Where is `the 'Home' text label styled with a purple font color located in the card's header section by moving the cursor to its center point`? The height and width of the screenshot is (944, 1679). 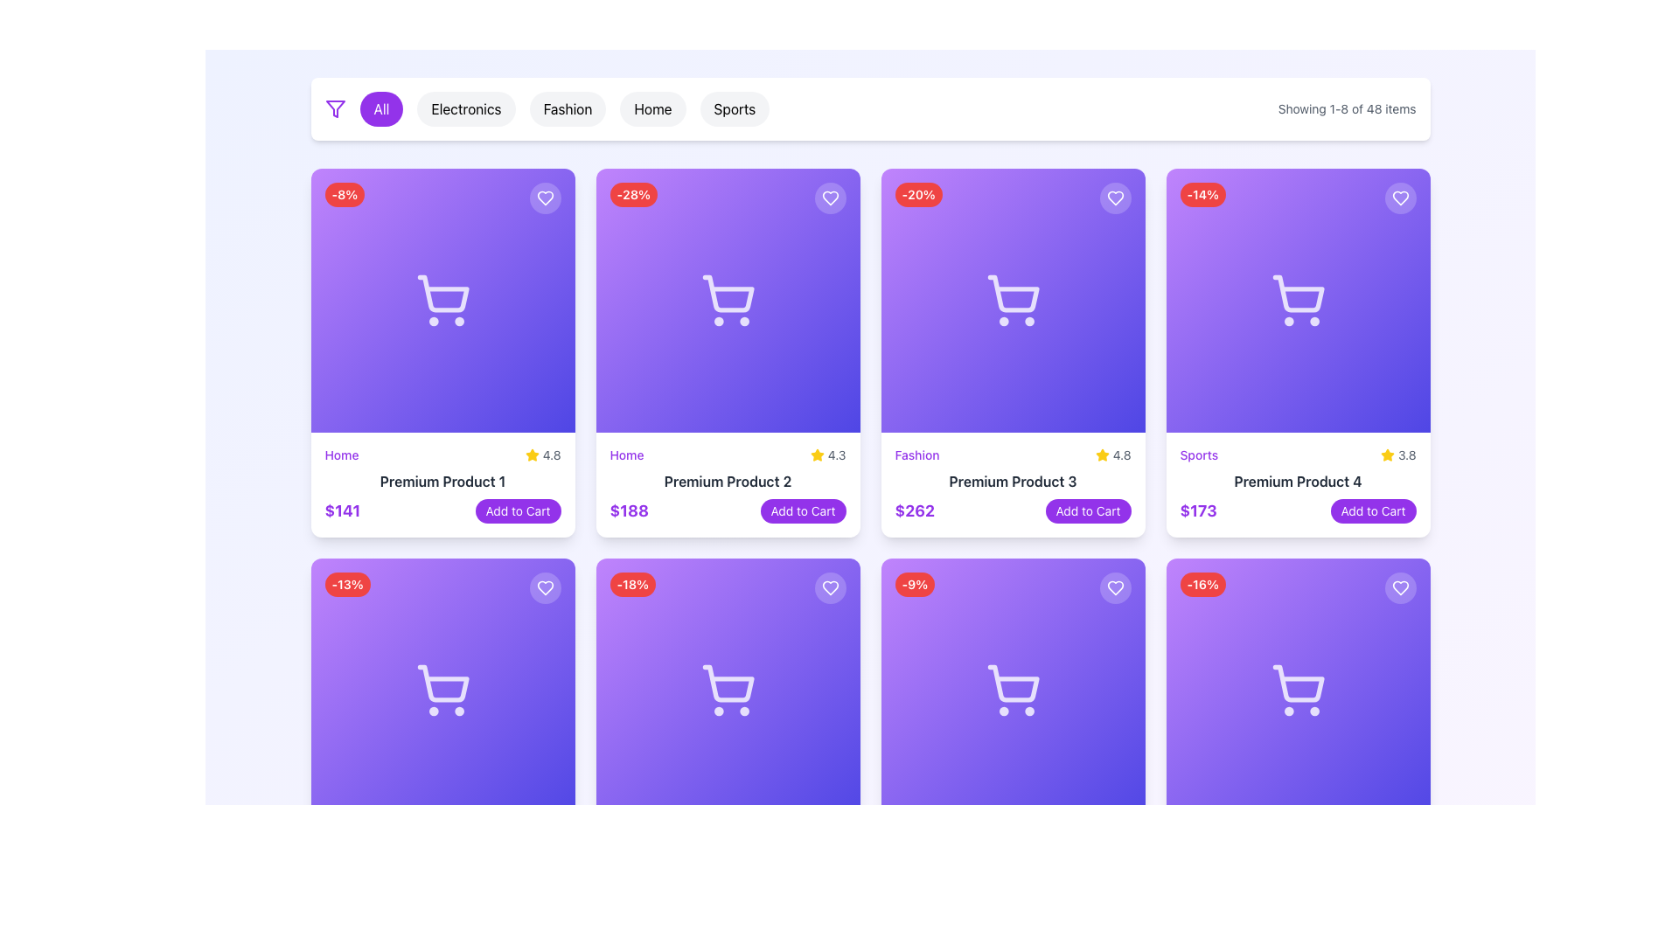
the 'Home' text label styled with a purple font color located in the card's header section by moving the cursor to its center point is located at coordinates (626, 454).